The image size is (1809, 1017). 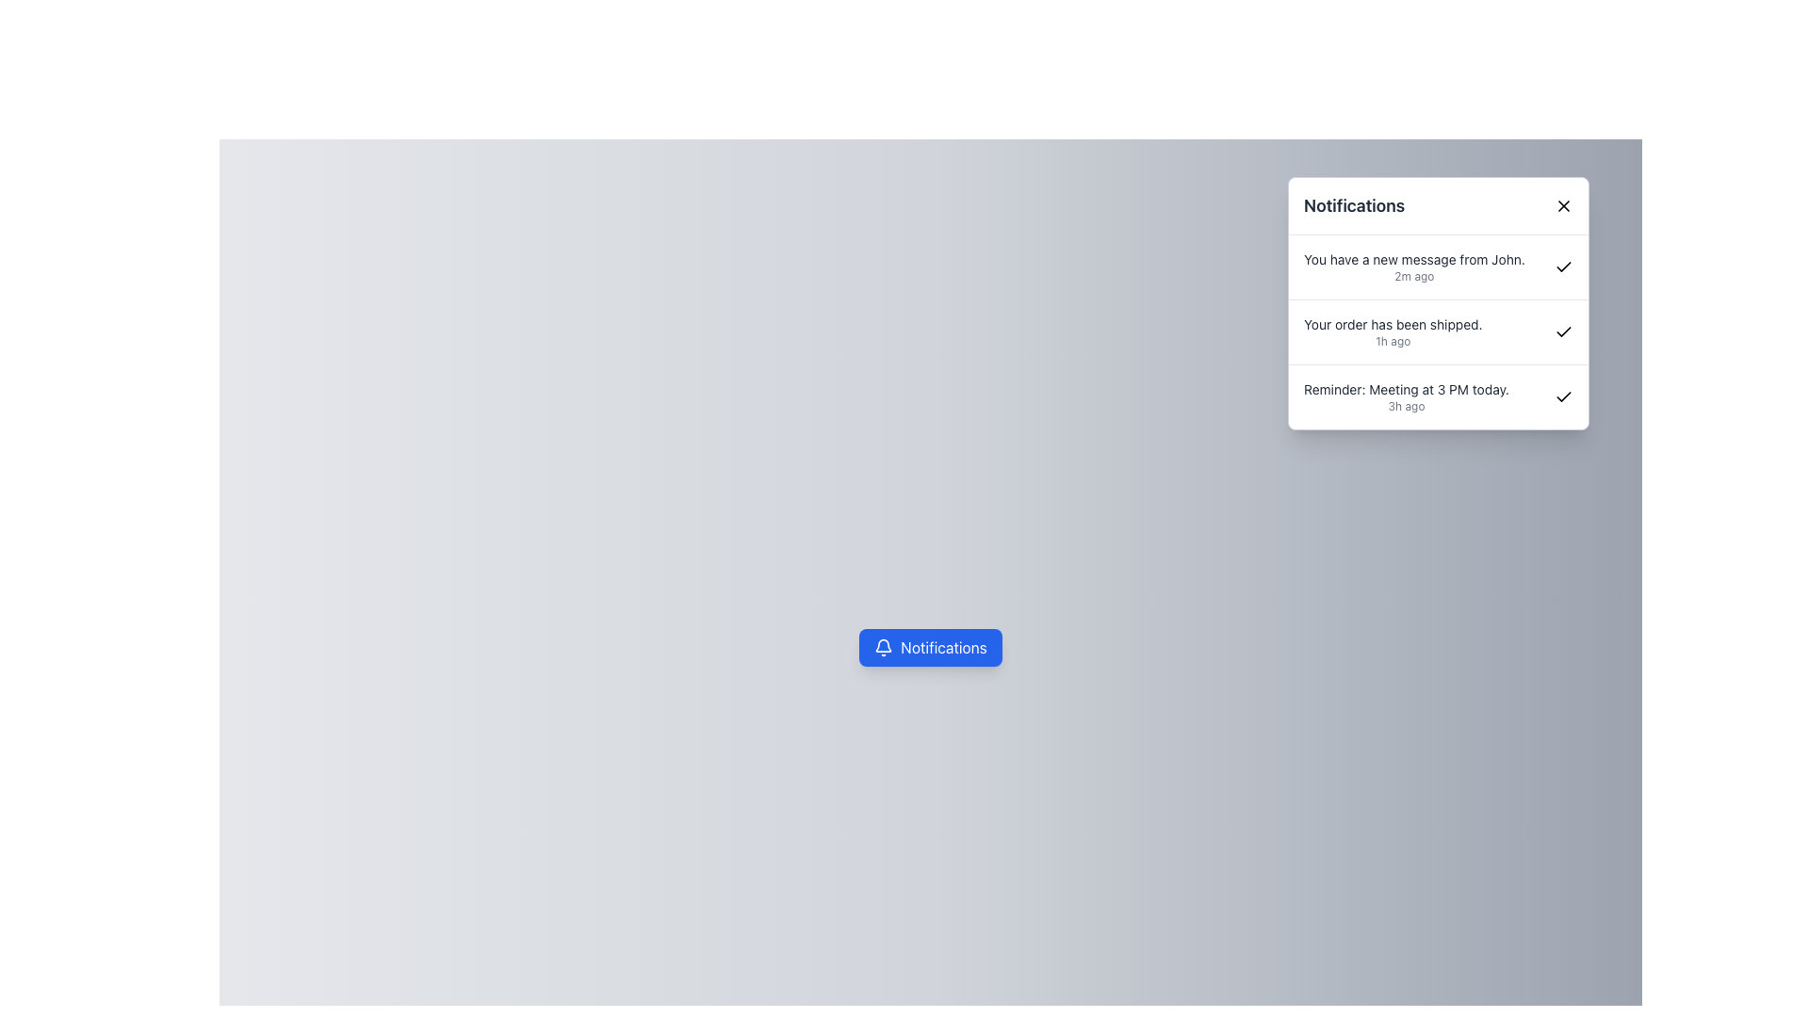 What do you see at coordinates (1406, 388) in the screenshot?
I see `the main text of the third notification item that informs the user about a meeting scheduled at 3 PM` at bounding box center [1406, 388].